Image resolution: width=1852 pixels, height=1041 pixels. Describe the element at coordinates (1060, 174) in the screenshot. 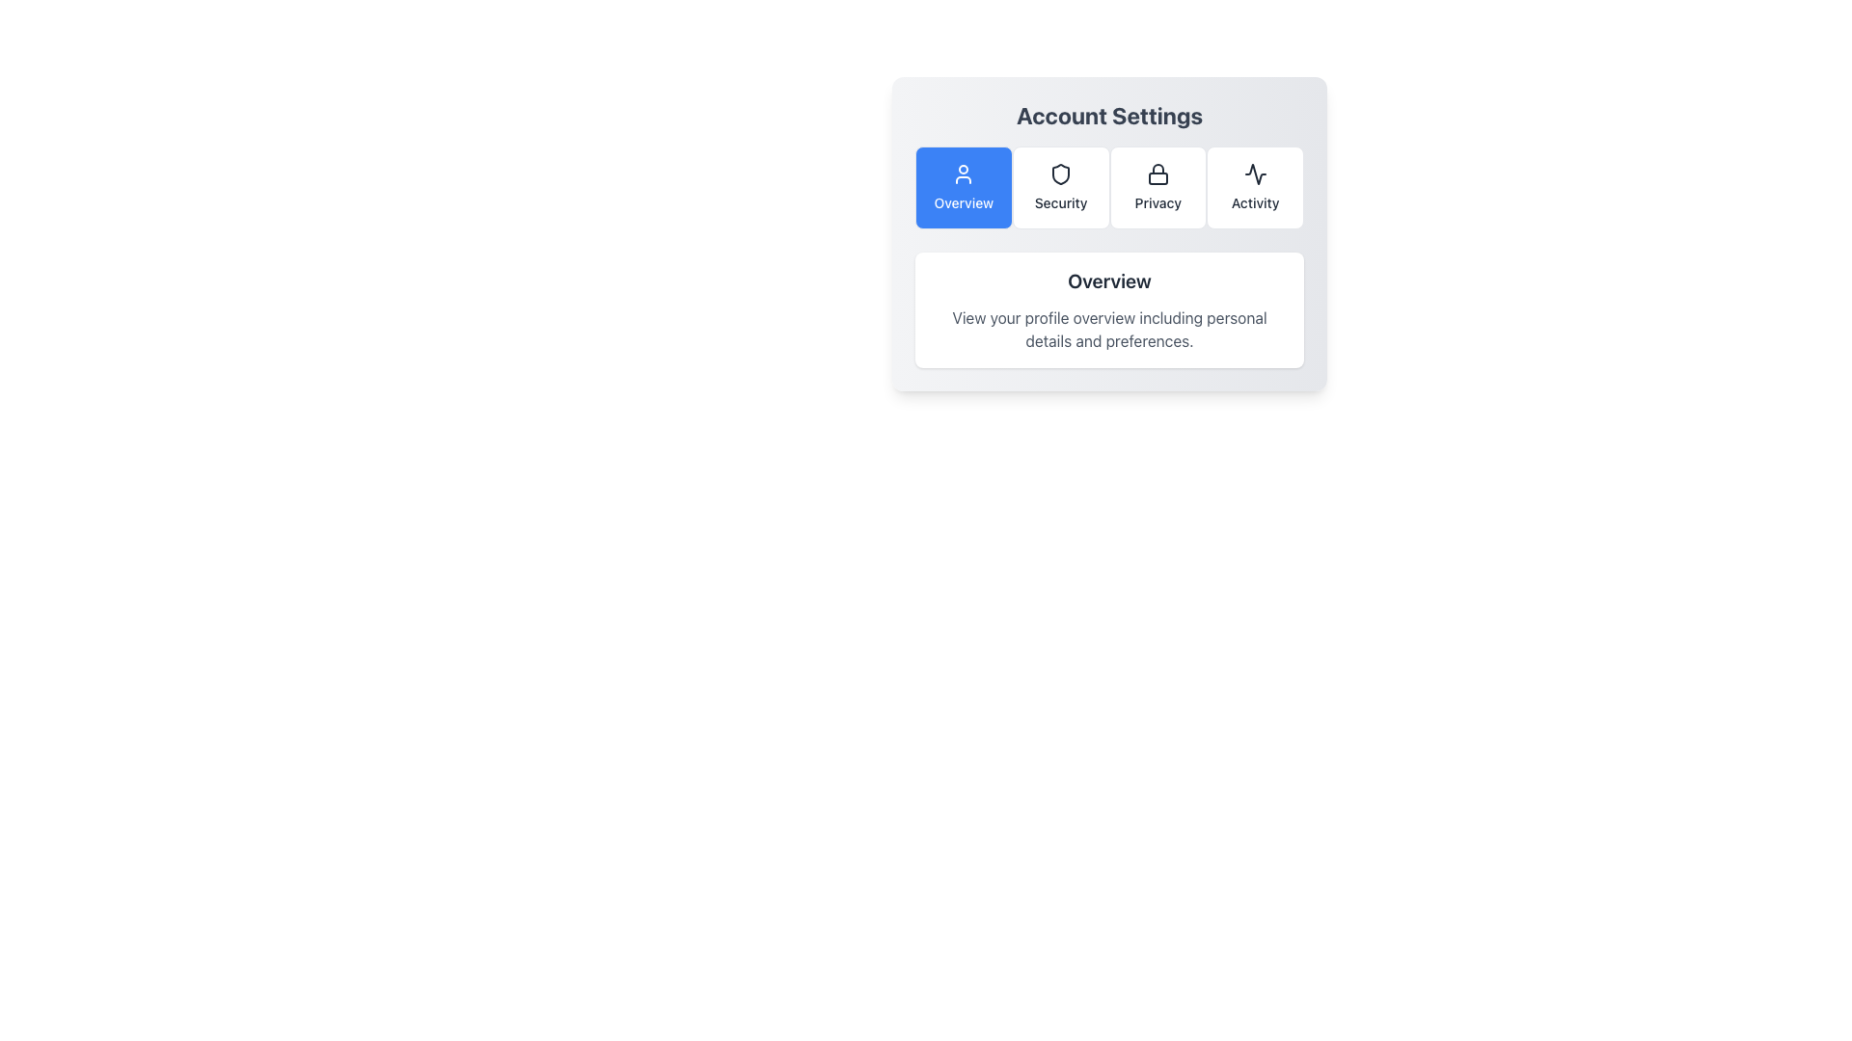

I see `the shield icon representing the 'Security' feature, located at the center of the 'Security' button` at that location.